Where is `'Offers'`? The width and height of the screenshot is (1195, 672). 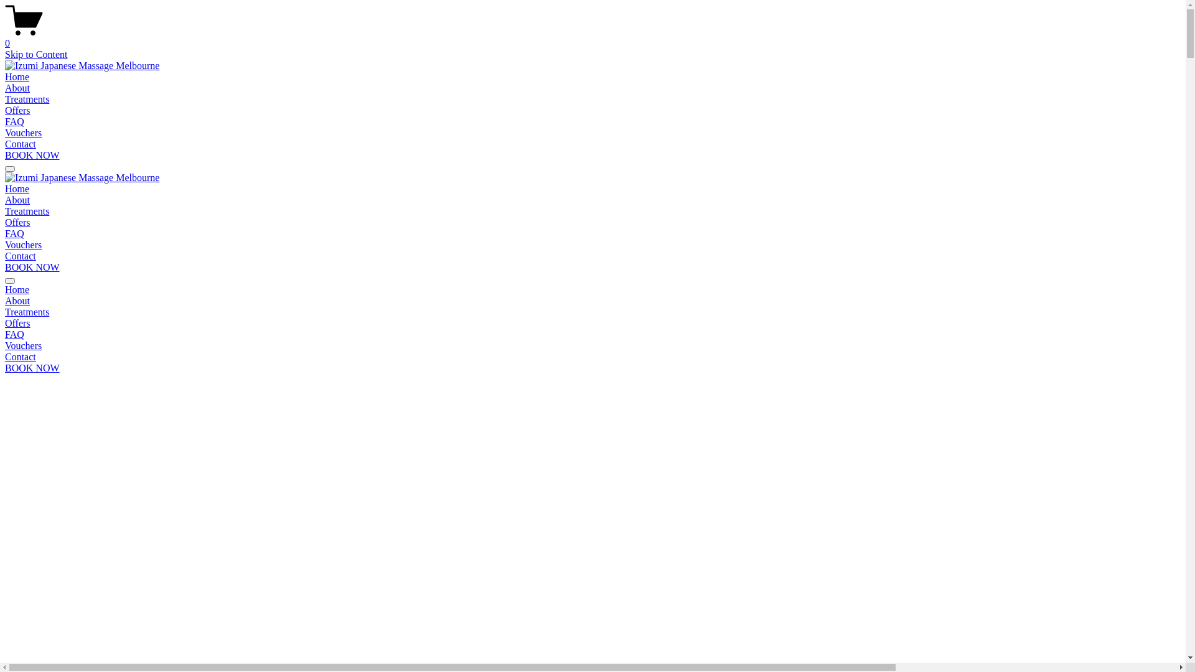
'Offers' is located at coordinates (5, 222).